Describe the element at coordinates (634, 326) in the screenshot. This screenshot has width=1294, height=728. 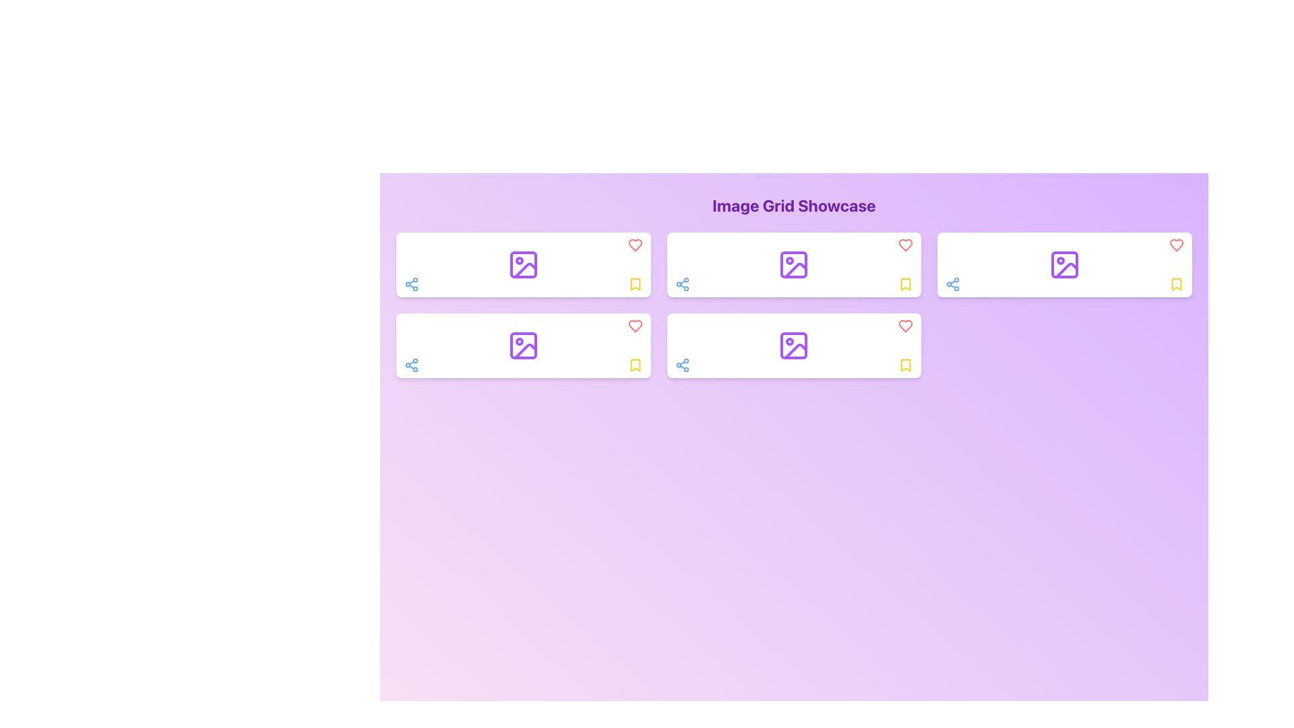
I see `the 'like' or 'favorite' button located at the top-right corner inside the second card of the second row` at that location.